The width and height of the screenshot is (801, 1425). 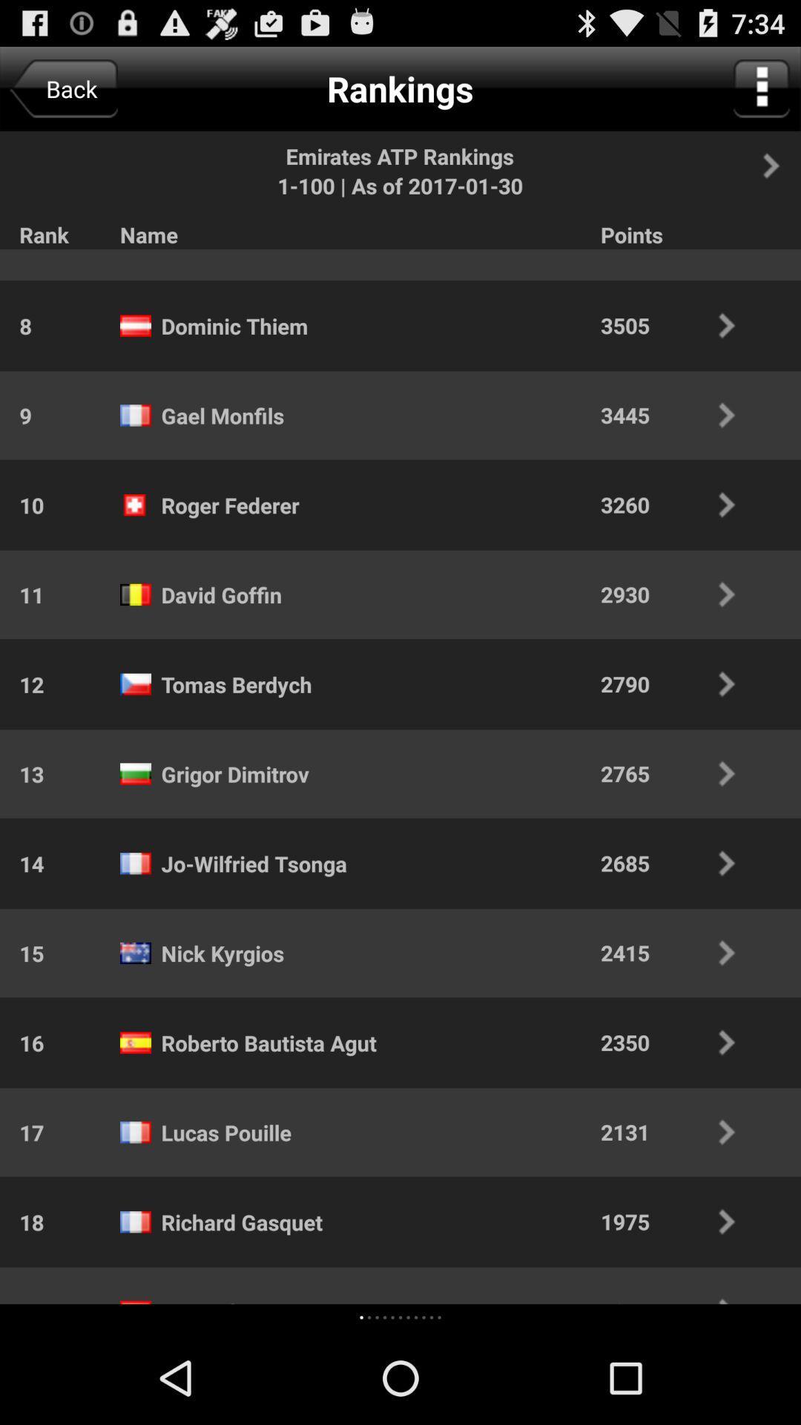 I want to click on item below the 2415 item, so click(x=678, y=1041).